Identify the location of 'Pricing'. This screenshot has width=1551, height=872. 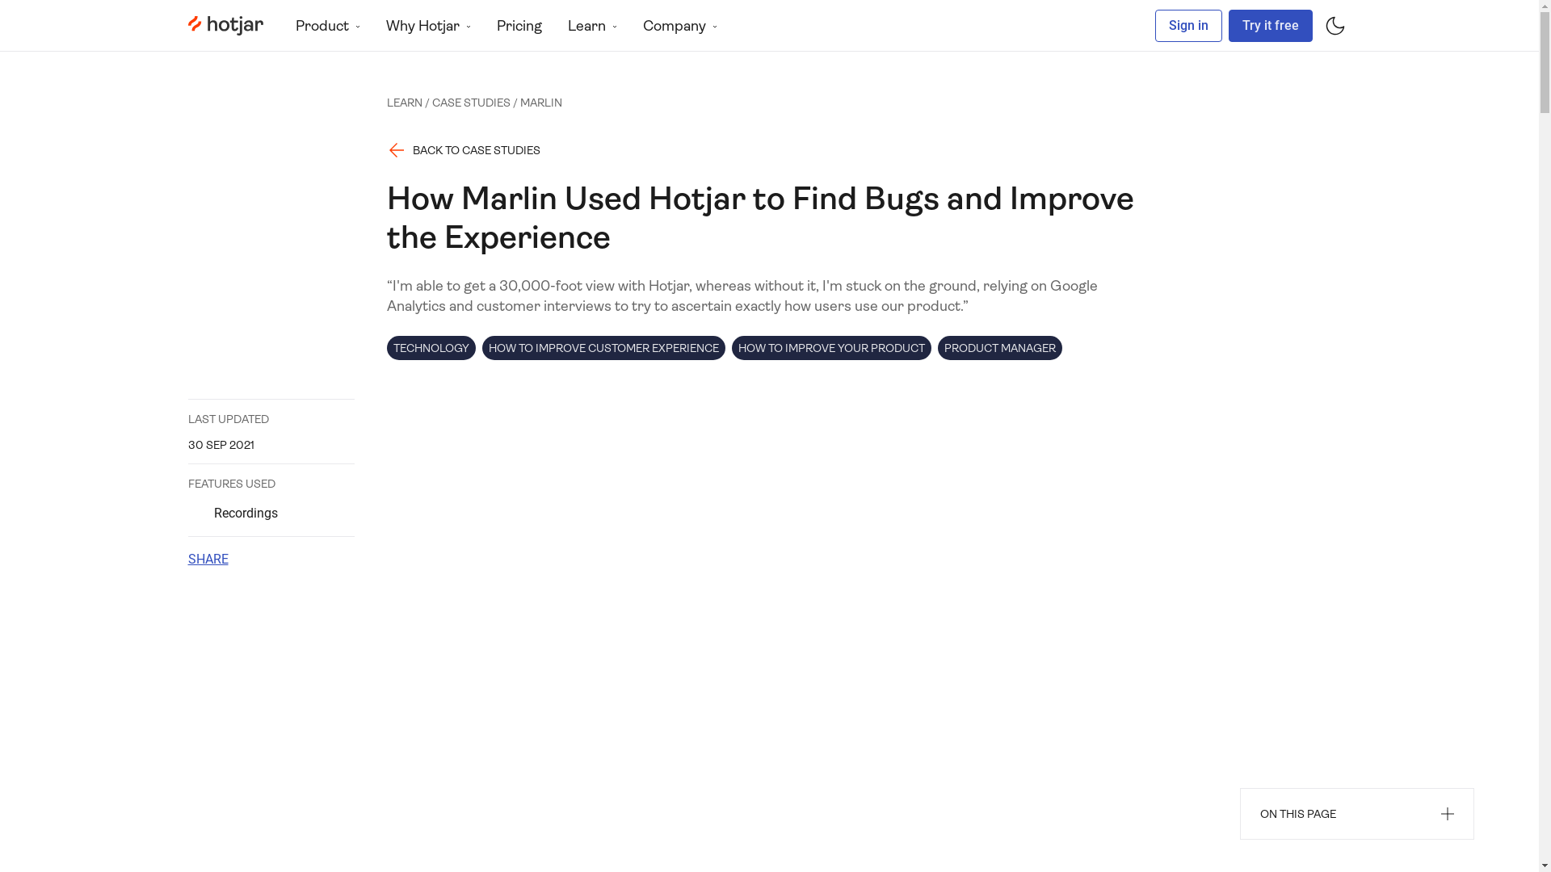
(519, 25).